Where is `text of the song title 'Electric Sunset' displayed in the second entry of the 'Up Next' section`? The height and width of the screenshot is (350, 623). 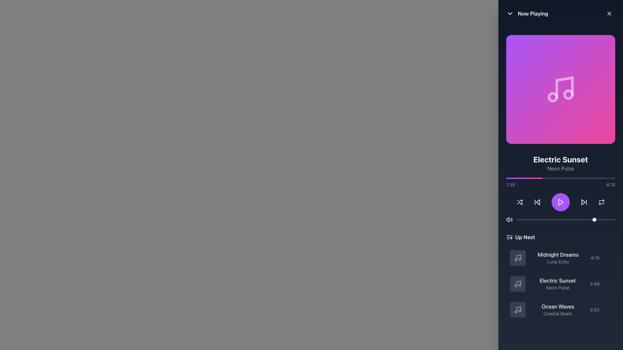 text of the song title 'Electric Sunset' displayed in the second entry of the 'Up Next' section is located at coordinates (557, 280).